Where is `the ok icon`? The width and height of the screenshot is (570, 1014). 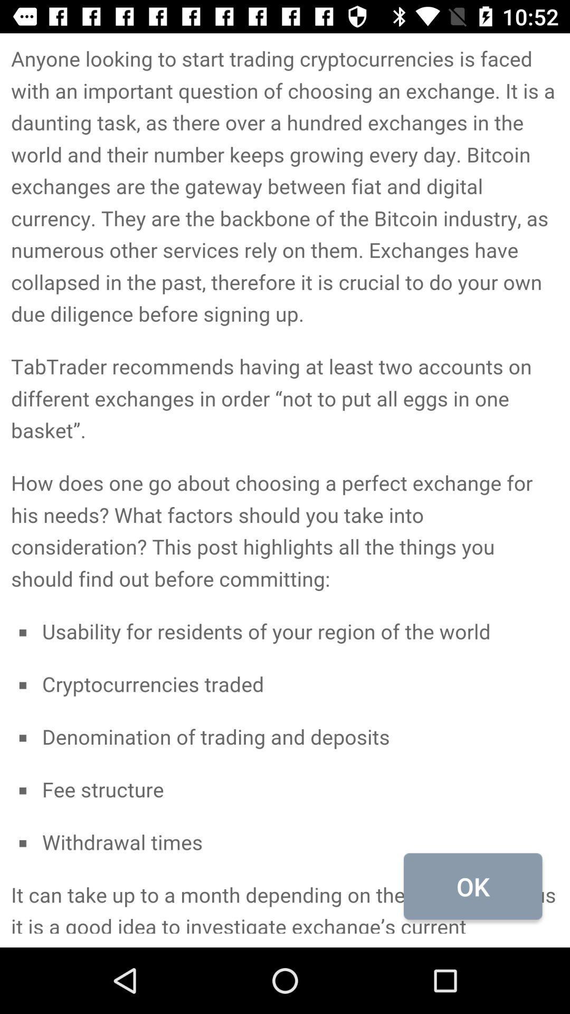
the ok icon is located at coordinates (472, 886).